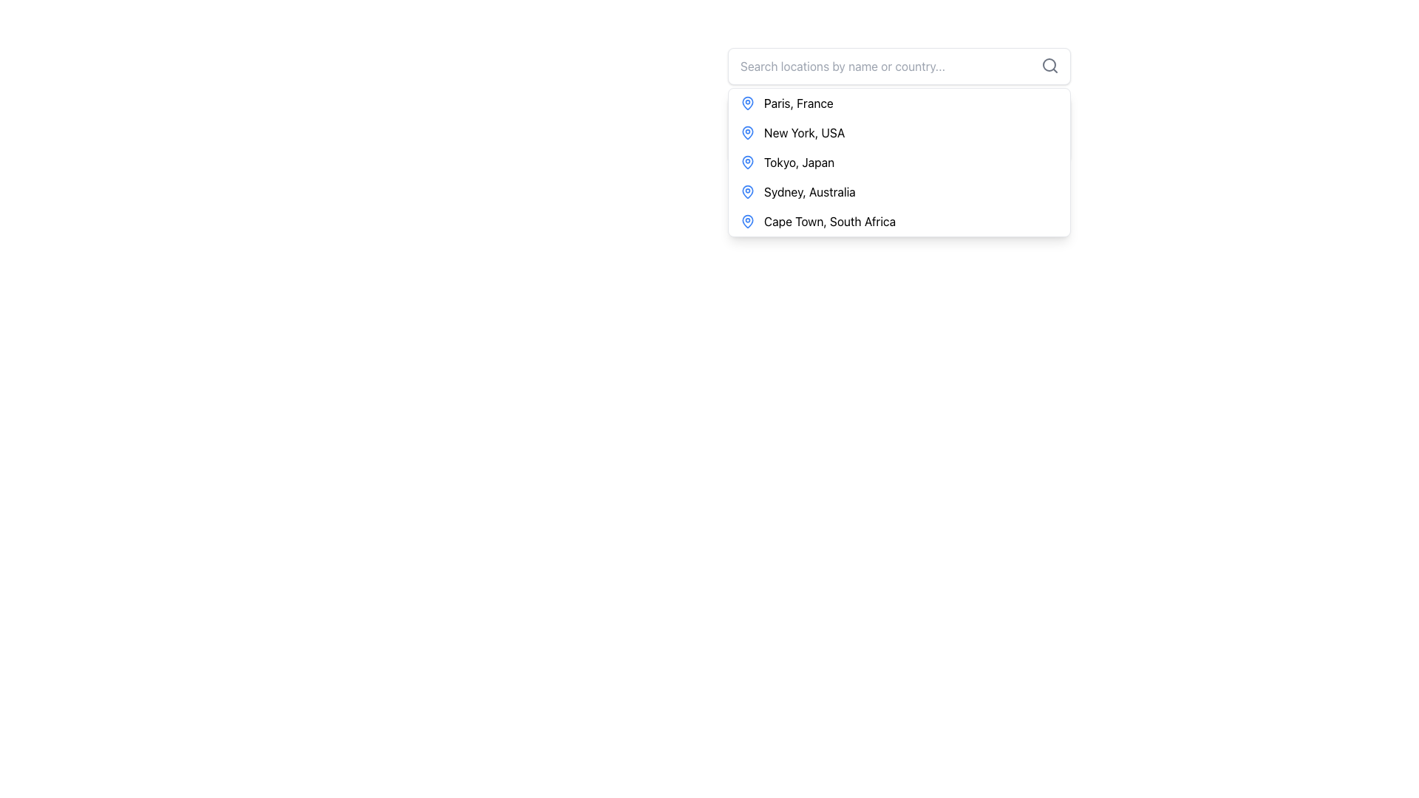 This screenshot has height=798, width=1419. Describe the element at coordinates (830, 222) in the screenshot. I see `the fifth entry in the location search dropdown menu` at that location.